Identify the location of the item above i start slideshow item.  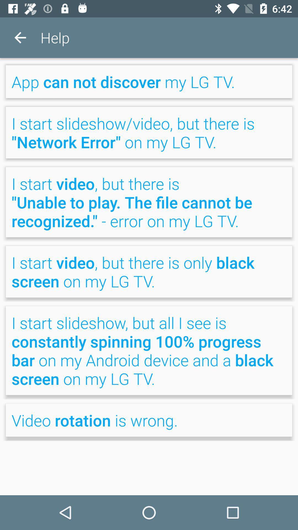
(149, 81).